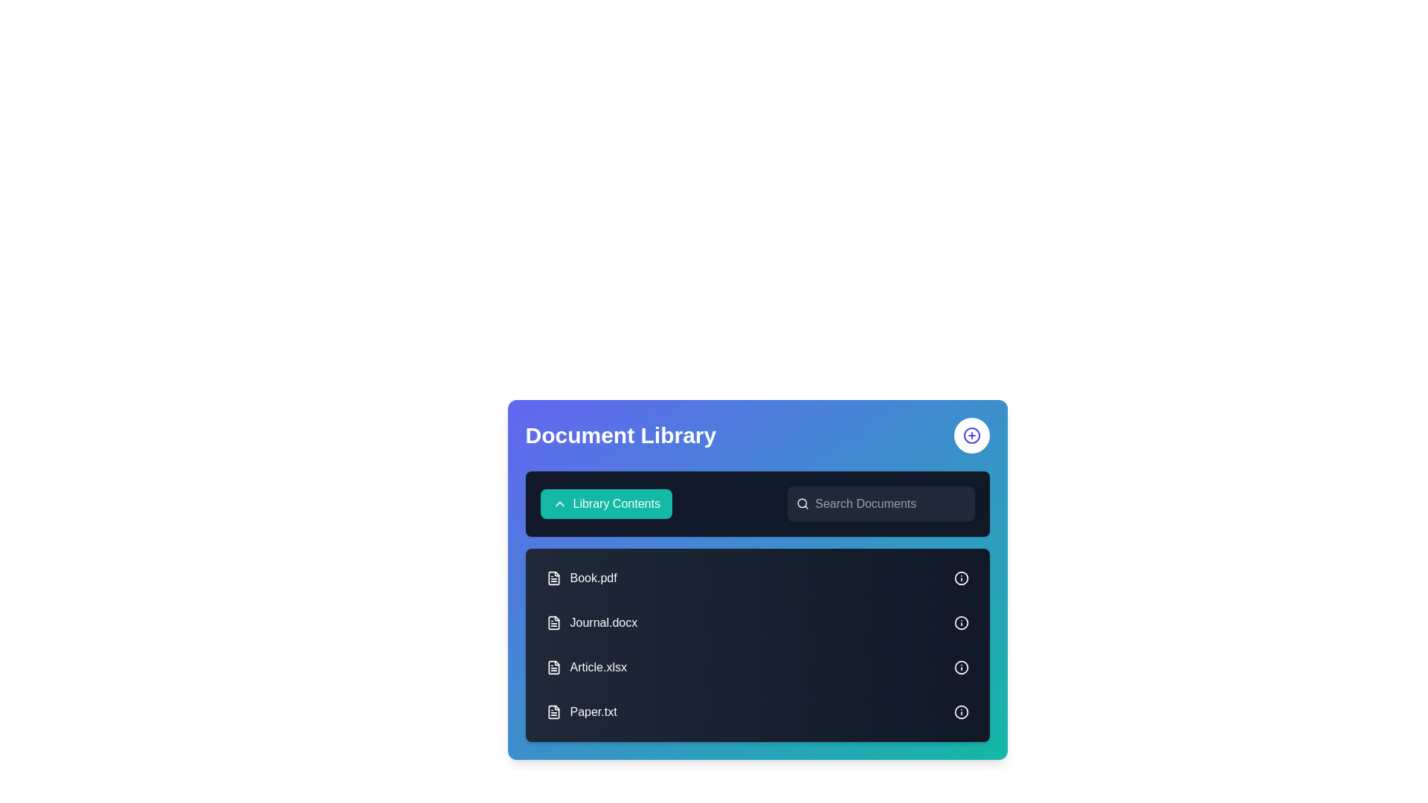 The image size is (1428, 803). I want to click on the SVG icon representing the document symbol located to the left of the text 'Article.xlsx', so click(553, 667).